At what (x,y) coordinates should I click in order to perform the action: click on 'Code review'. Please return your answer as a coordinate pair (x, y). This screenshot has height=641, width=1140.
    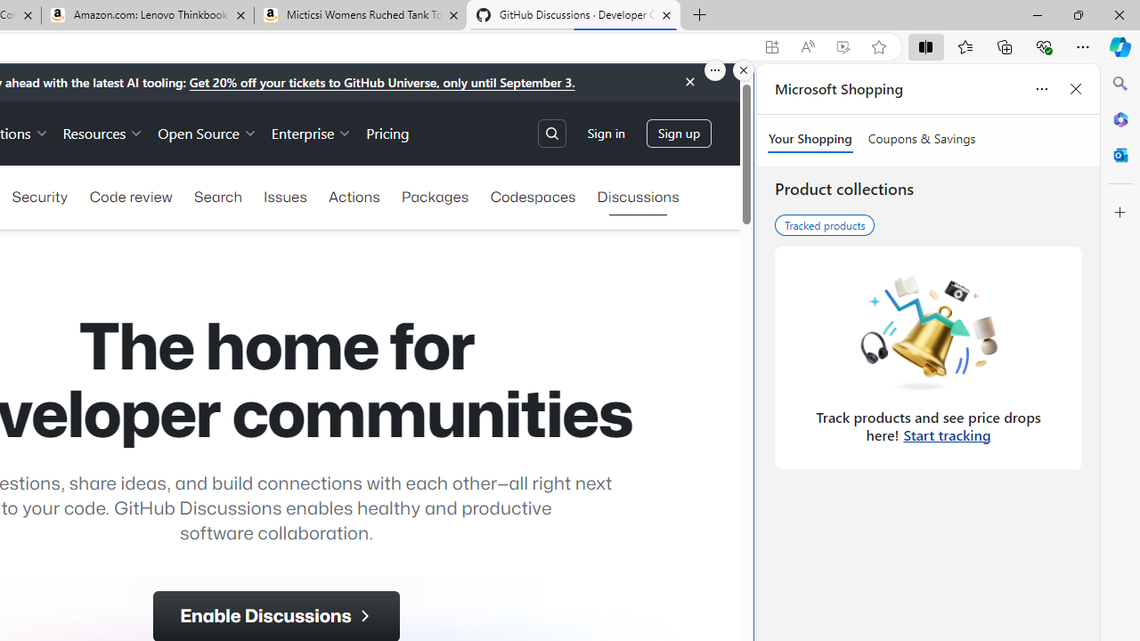
    Looking at the image, I should click on (130, 197).